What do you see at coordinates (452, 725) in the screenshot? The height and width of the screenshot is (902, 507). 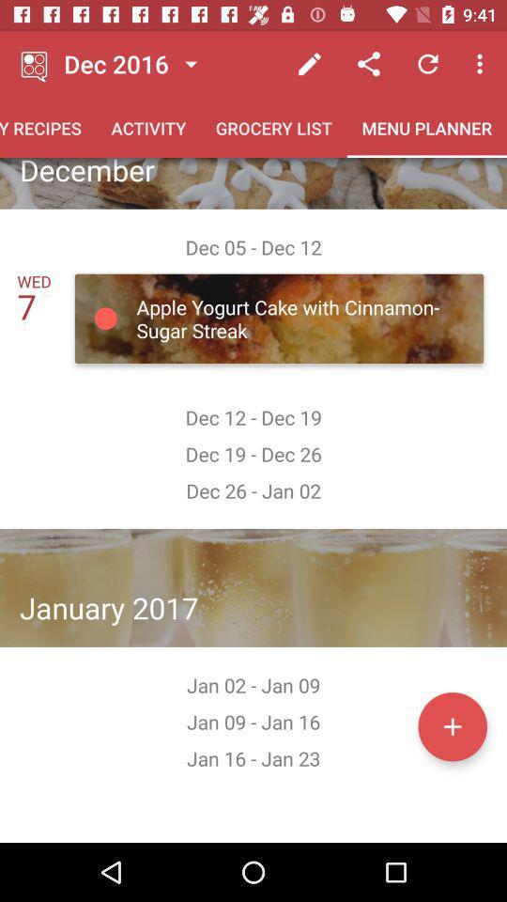 I see `the add icon` at bounding box center [452, 725].